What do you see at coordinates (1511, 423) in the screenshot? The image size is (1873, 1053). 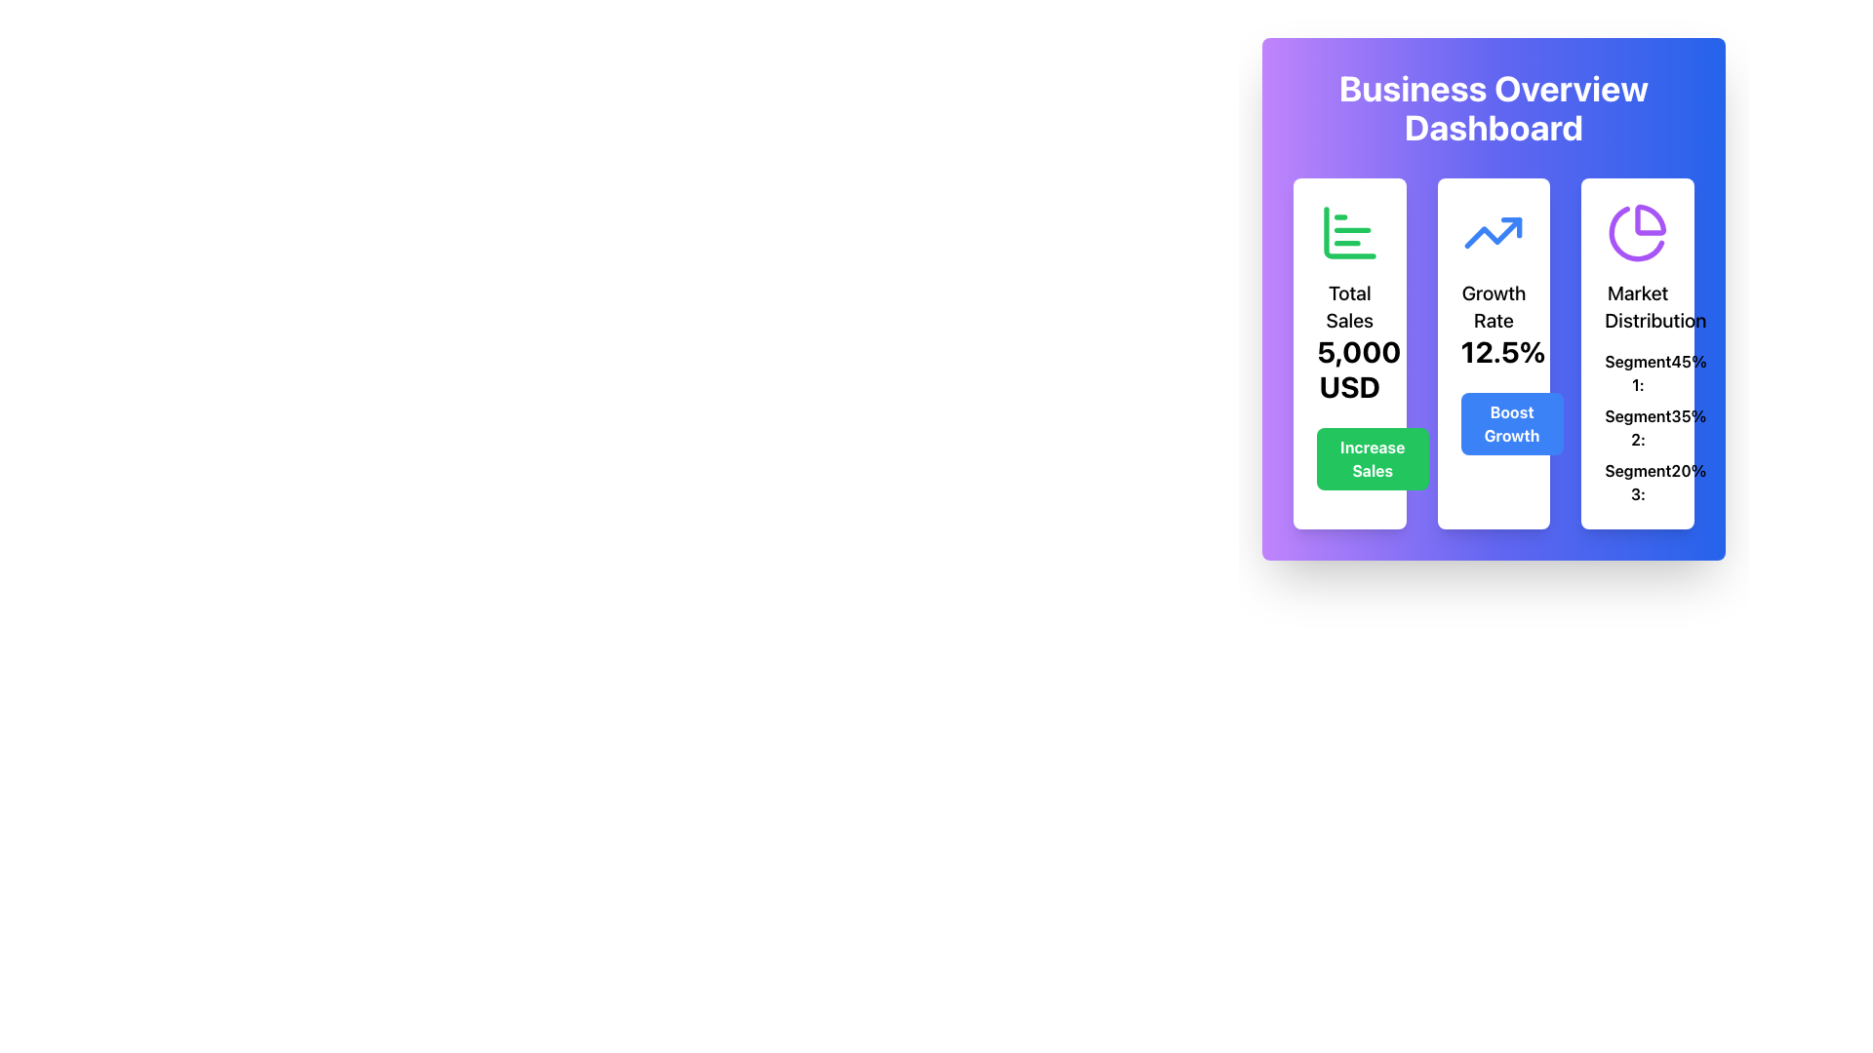 I see `the 'Boost Growth' button, which is a blue rectangular button with white bold text, located below the '12.5%' growth rate display` at bounding box center [1511, 423].